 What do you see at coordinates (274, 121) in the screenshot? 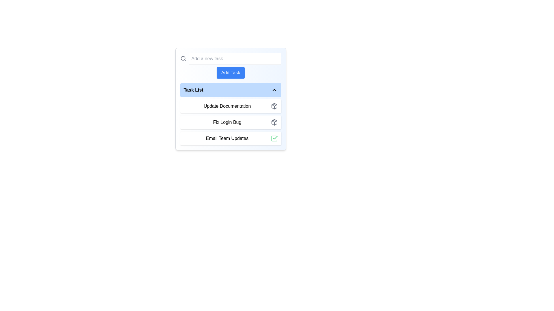
I see `the upward-pointing triangular shape within the package icon, located to the right of the 'Update Documentation' task in the task list` at bounding box center [274, 121].